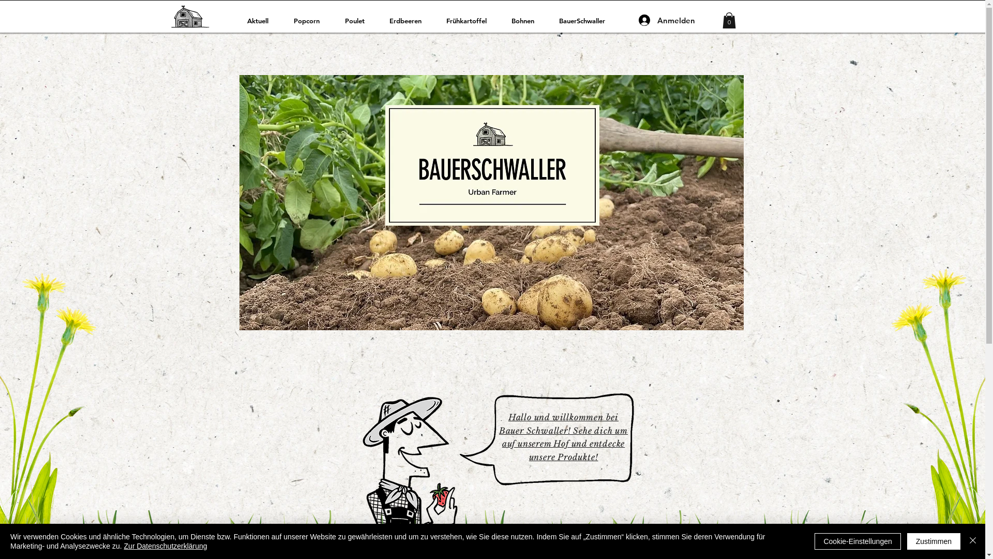 The height and width of the screenshot is (559, 993). Describe the element at coordinates (359, 20) in the screenshot. I see `'Poulet'` at that location.